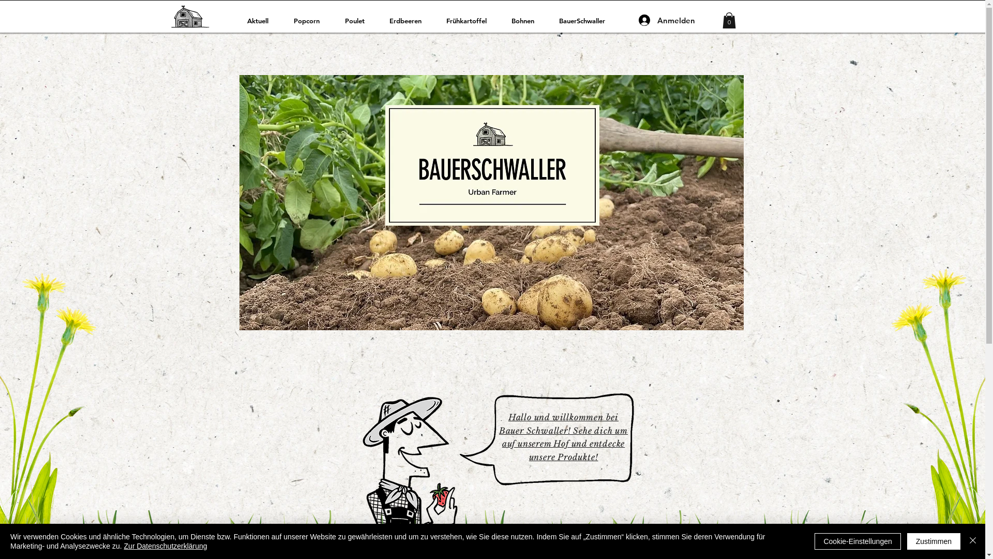 The height and width of the screenshot is (559, 993). Describe the element at coordinates (359, 20) in the screenshot. I see `'Poulet'` at that location.